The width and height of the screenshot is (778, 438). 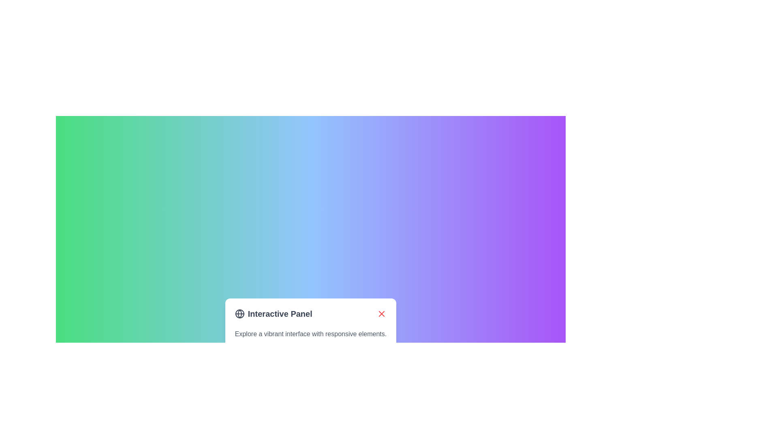 I want to click on the close button located at the far right of the 'Interactive Panel' header for accessibility navigation, so click(x=381, y=313).